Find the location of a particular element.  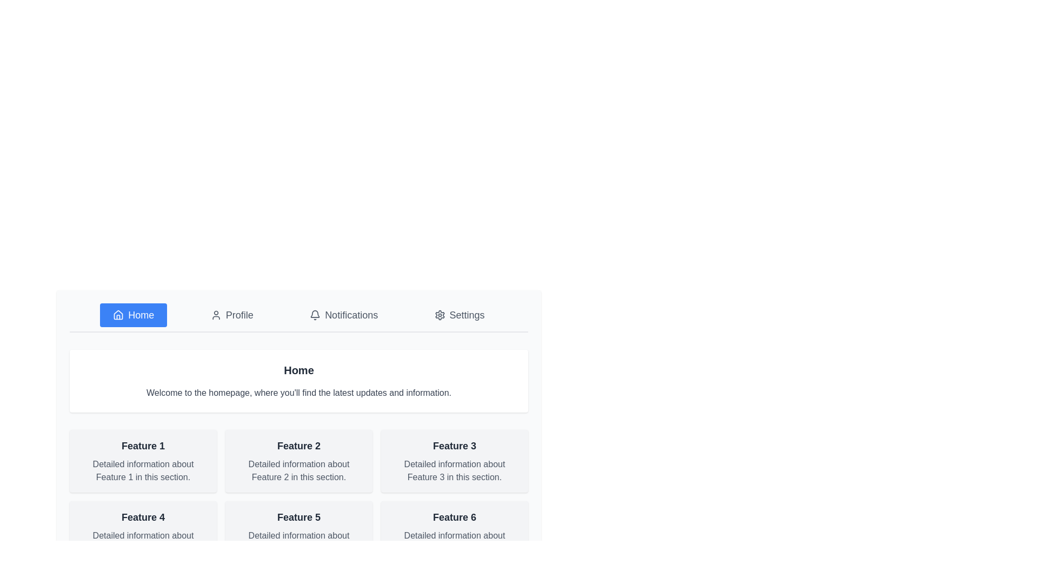

details of individual grid items in the two-row grid layout containing headlines and descriptions, styled with a light gray background and rounded corners, located centrally below the 'Home' section is located at coordinates (298, 496).